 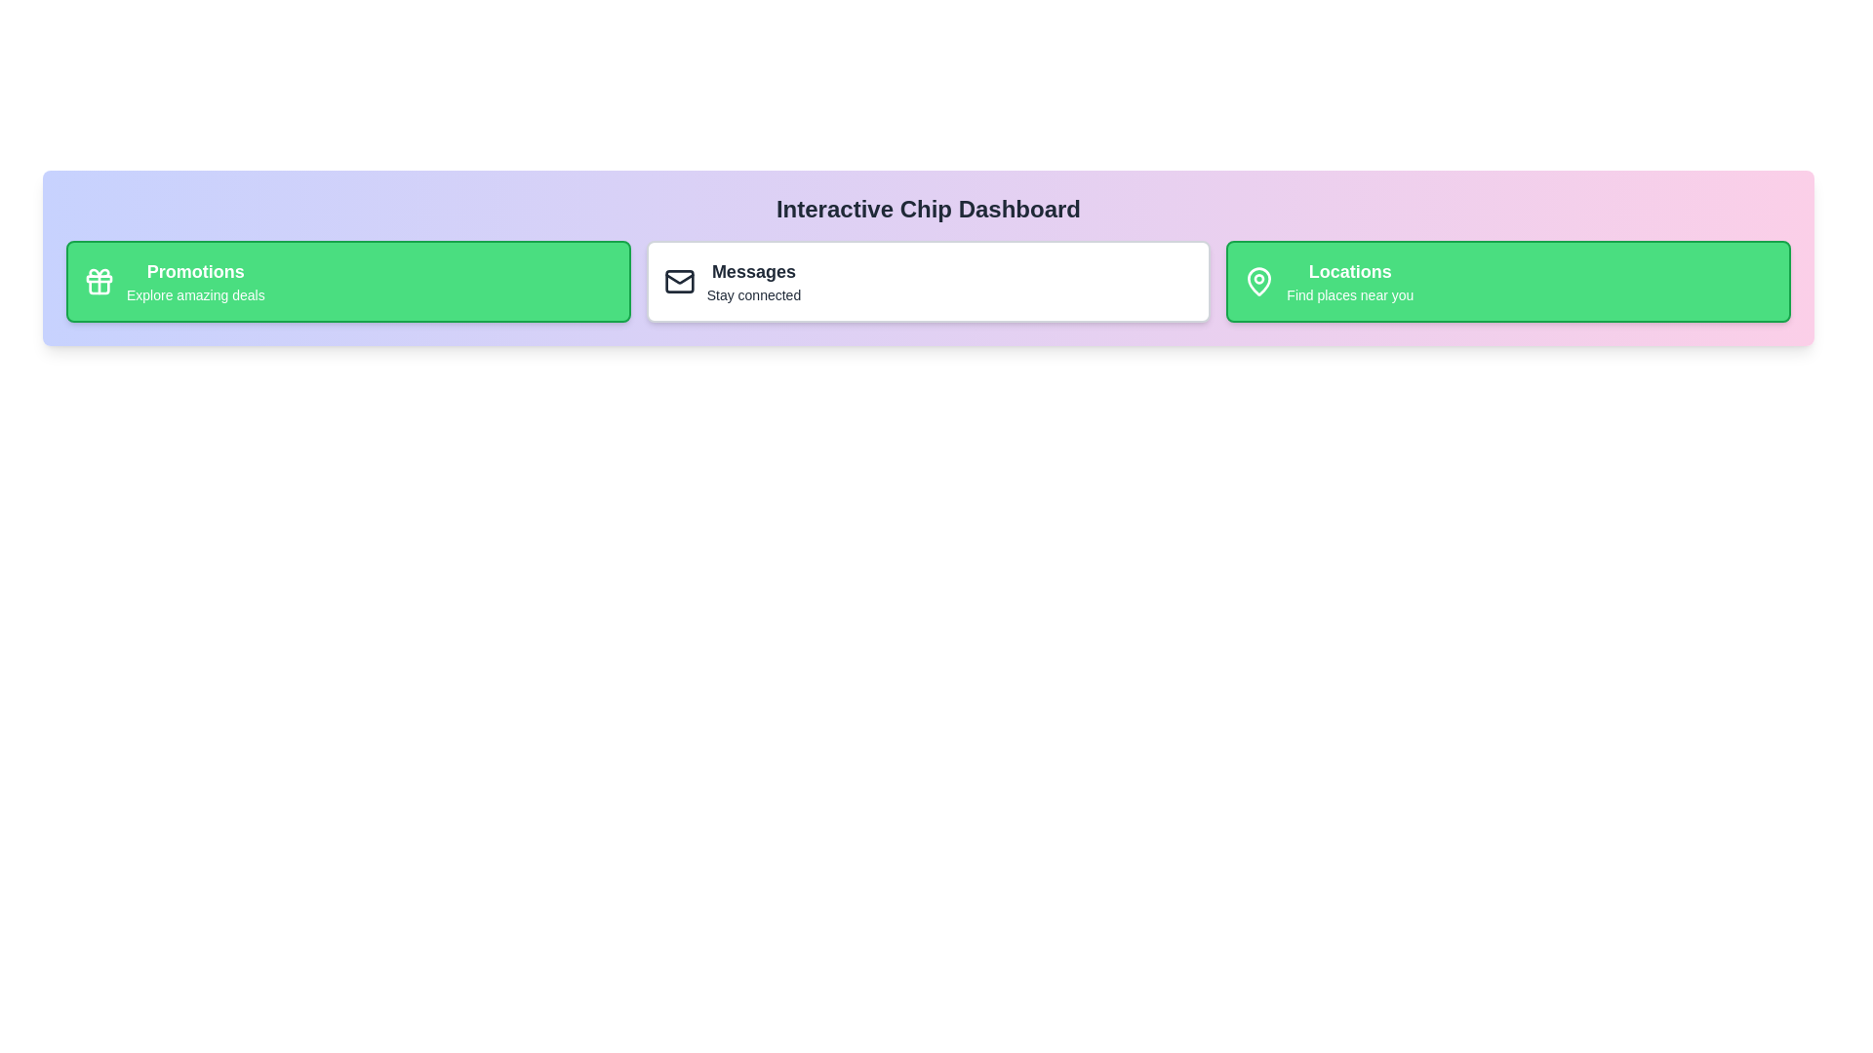 I want to click on the chip labeled Locations to observe the hover effect, so click(x=1506, y=282).